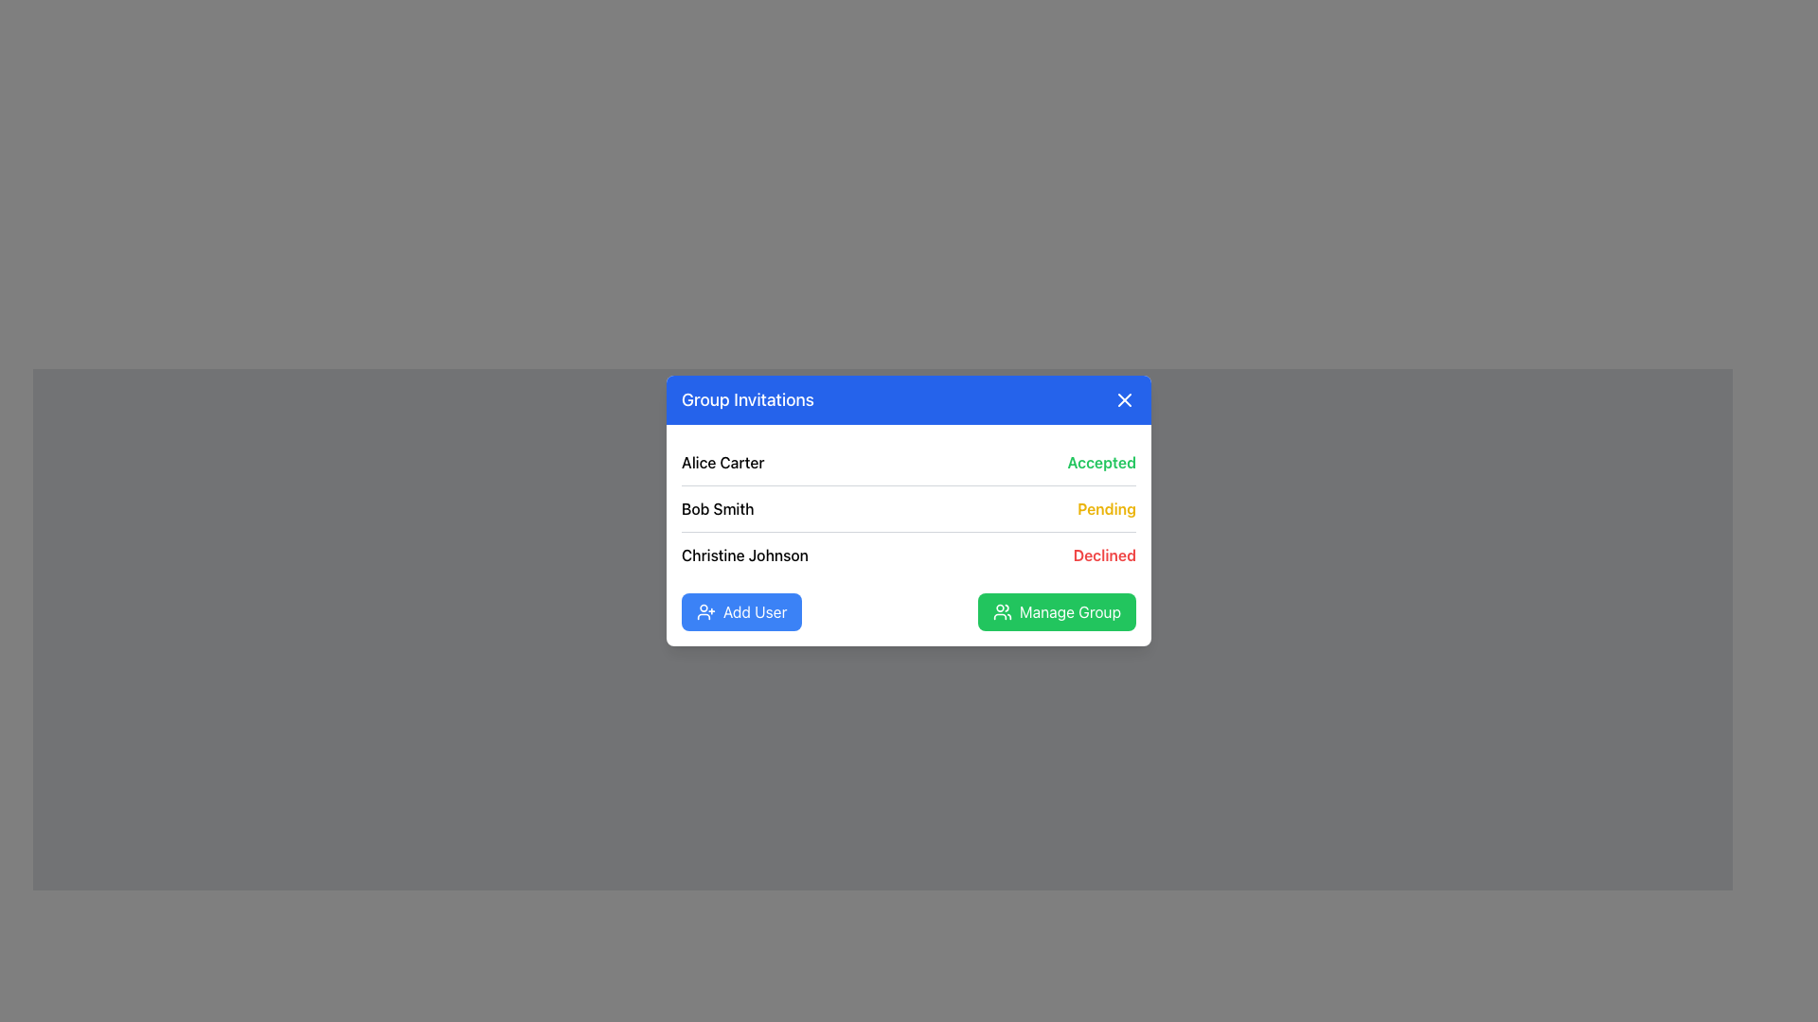 This screenshot has height=1022, width=1818. Describe the element at coordinates (1002, 612) in the screenshot. I see `the group of users SVG icon, which is part of the 'Manage Group' button located at the bottom-right of the modal dialog box` at that location.